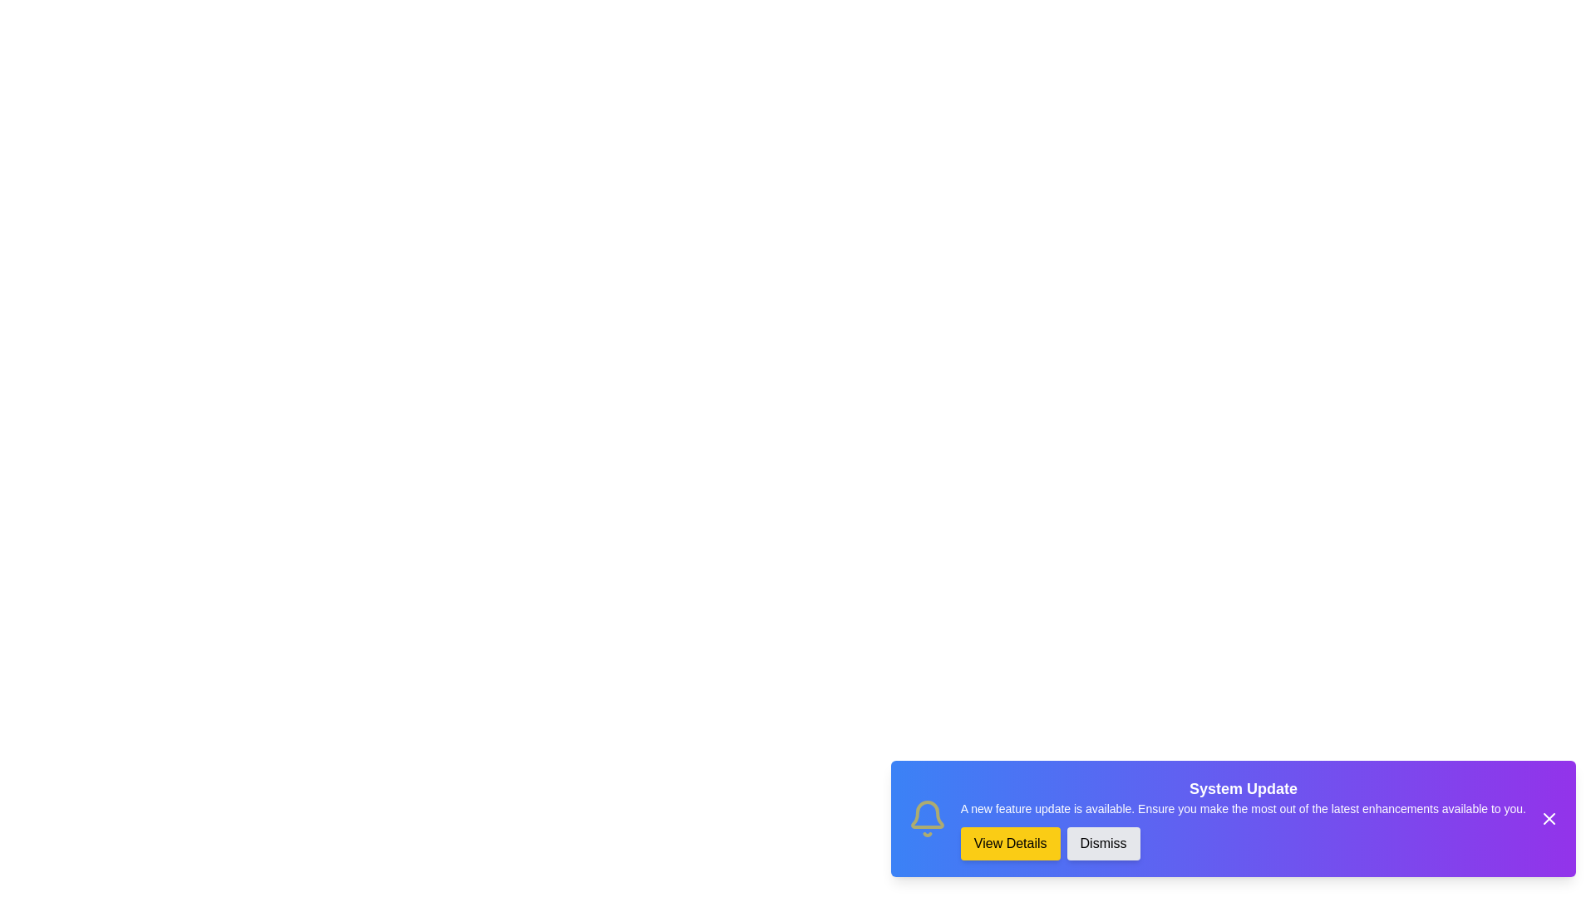 The image size is (1596, 897). What do you see at coordinates (1103, 843) in the screenshot?
I see `the 'Dismiss' button to hide the snackbar` at bounding box center [1103, 843].